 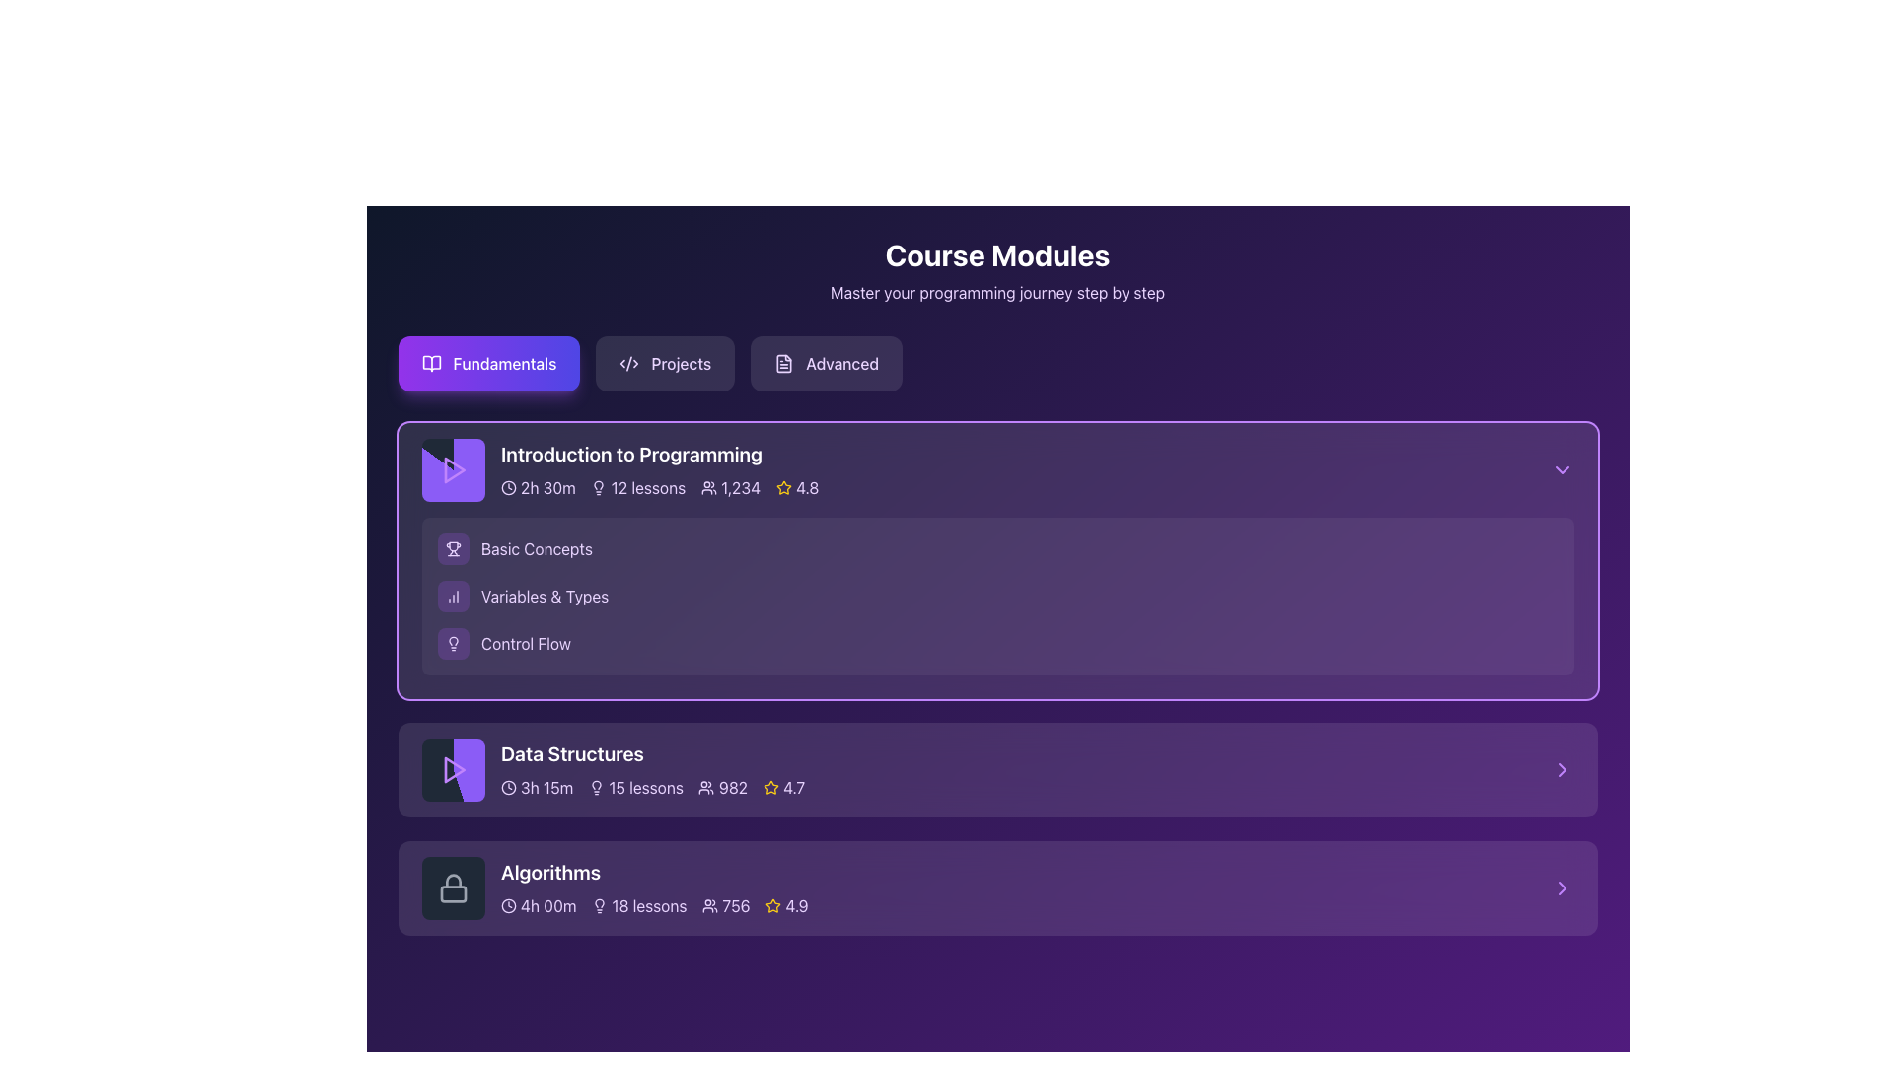 What do you see at coordinates (452, 893) in the screenshot?
I see `the bottom part of the lock graphic shape that represents the body of the lock icon within the 'Algorithms' card` at bounding box center [452, 893].